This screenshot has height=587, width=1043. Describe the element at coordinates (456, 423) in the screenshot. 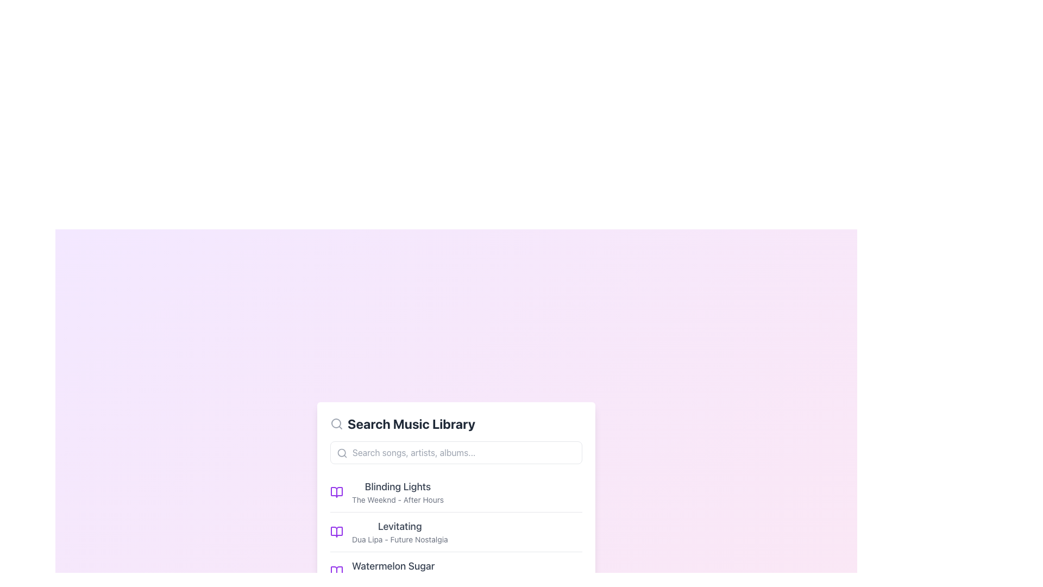

I see `the 'Search Music Library' text label with icon located at the top of the music library search panel` at that location.